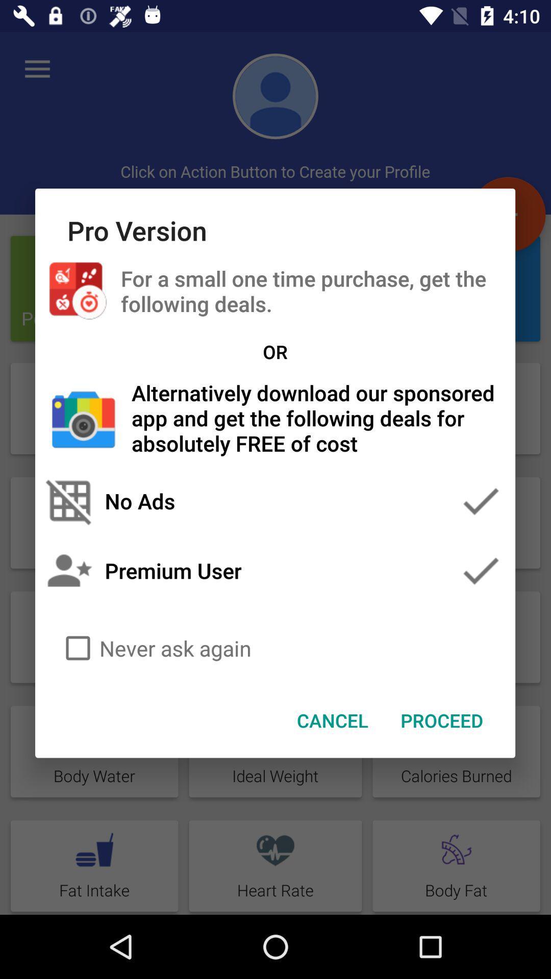  I want to click on item below never ask again item, so click(441, 719).